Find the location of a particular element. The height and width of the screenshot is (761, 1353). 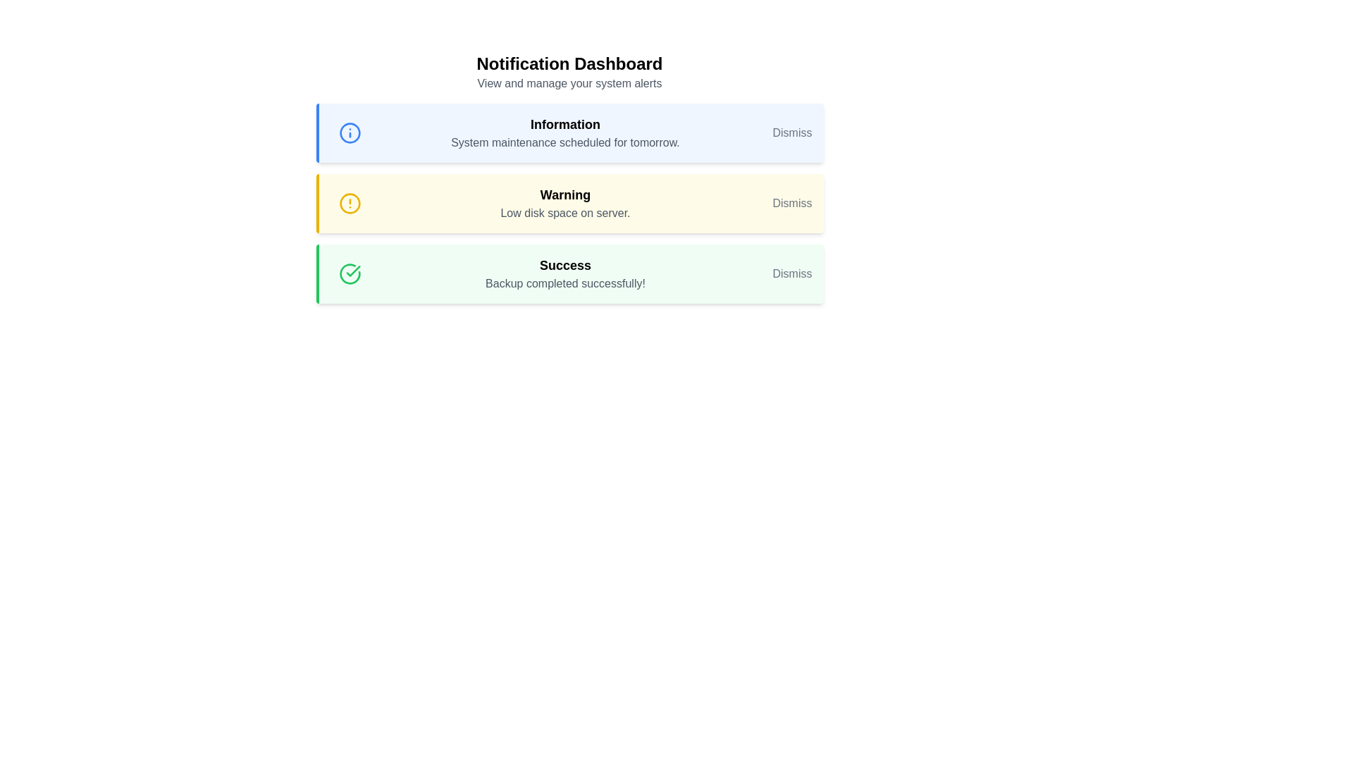

the descriptive Text label located underneath the 'Warning' title in the middle notification bar, which provides additional details about the warning notification is located at coordinates (565, 214).